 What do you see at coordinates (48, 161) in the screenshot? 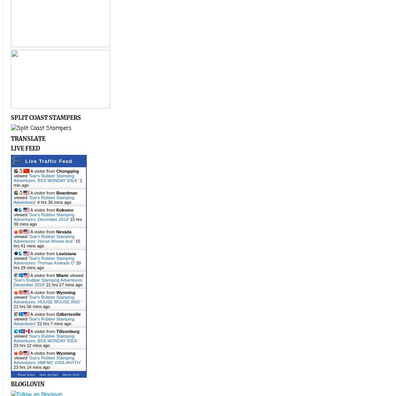
I see `'Live Traffic Feed'` at bounding box center [48, 161].